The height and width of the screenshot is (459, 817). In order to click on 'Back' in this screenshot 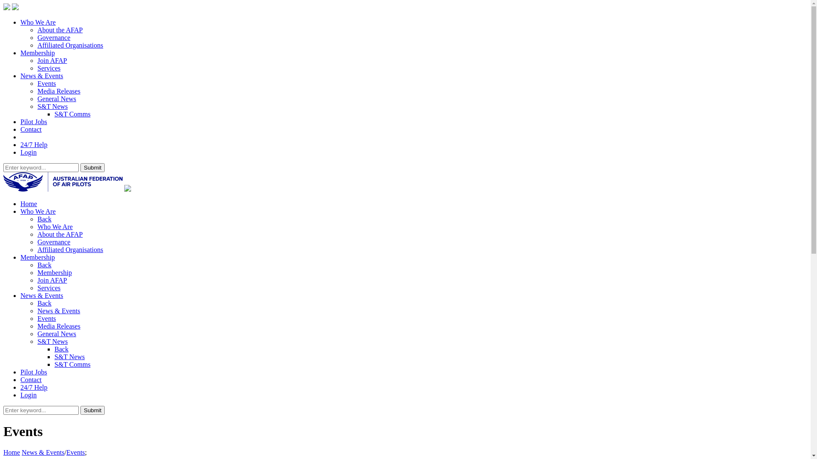, I will do `click(37, 264)`.